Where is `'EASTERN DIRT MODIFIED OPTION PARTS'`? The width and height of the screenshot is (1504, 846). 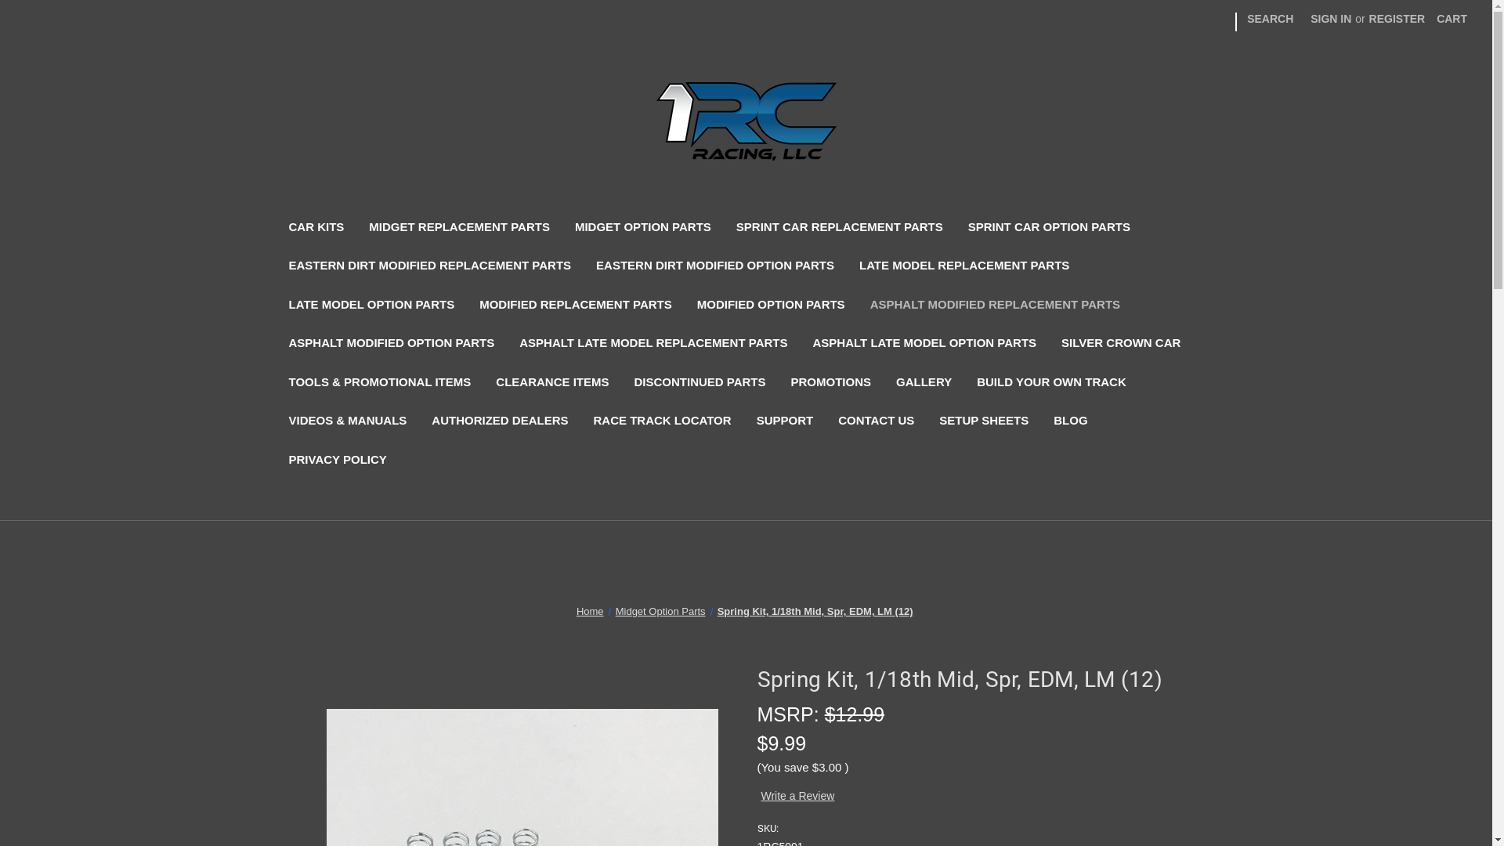 'EASTERN DIRT MODIFIED OPTION PARTS' is located at coordinates (714, 266).